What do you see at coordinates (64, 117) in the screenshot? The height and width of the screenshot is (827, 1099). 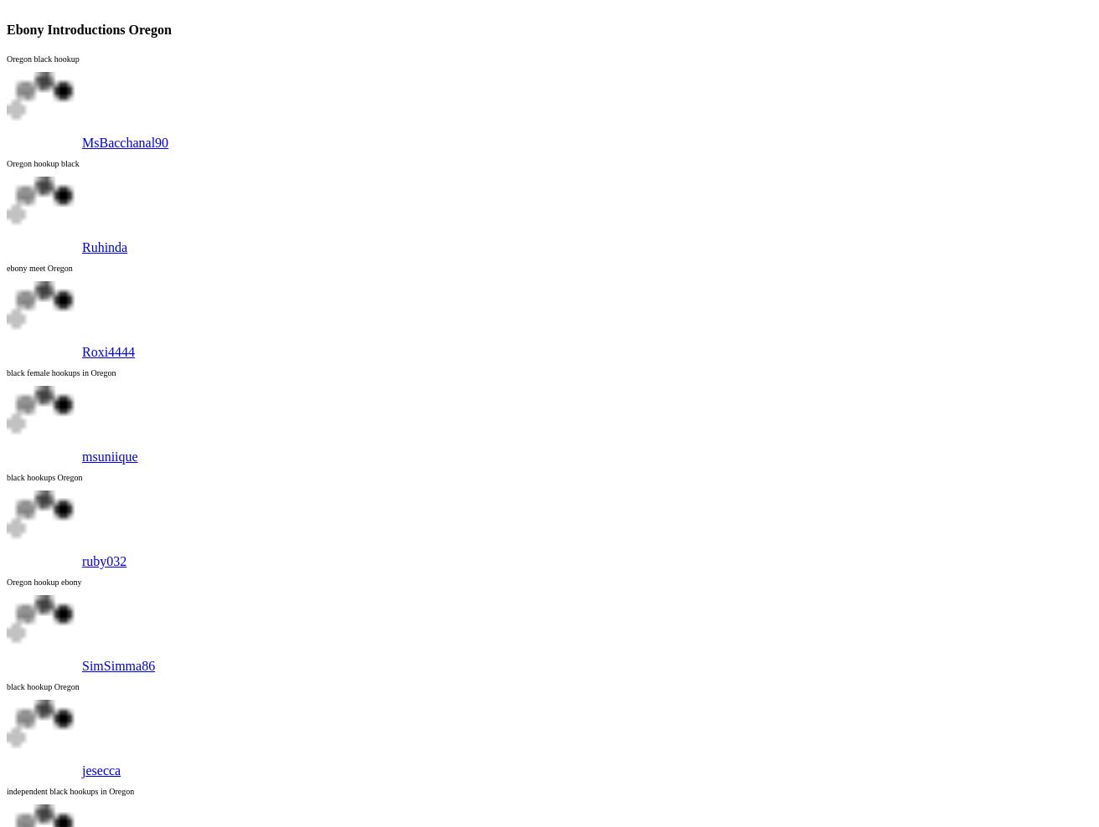 I see `'Newberg'` at bounding box center [64, 117].